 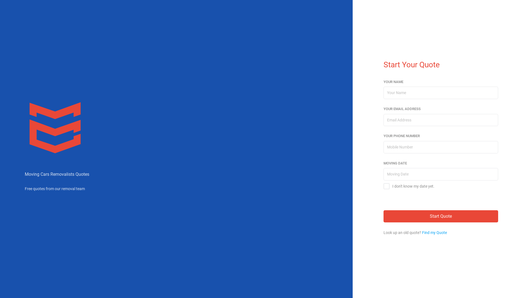 What do you see at coordinates (422, 233) in the screenshot?
I see `'Find my Quote'` at bounding box center [422, 233].